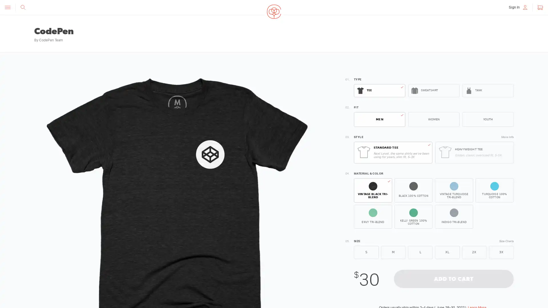 This screenshot has height=308, width=548. What do you see at coordinates (434, 119) in the screenshot?
I see `WOMEN` at bounding box center [434, 119].